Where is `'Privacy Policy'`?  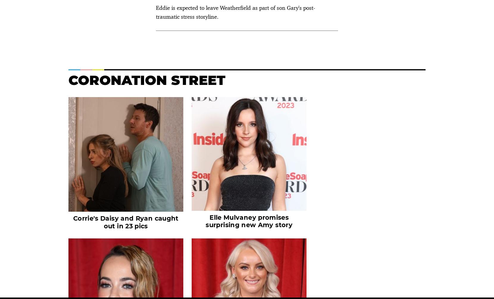 'Privacy Policy' is located at coordinates (185, 242).